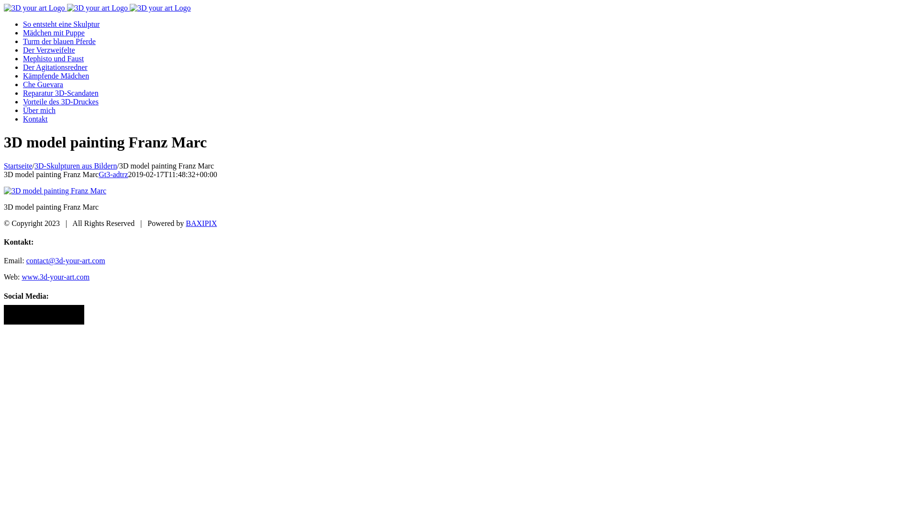 This screenshot has width=919, height=517. Describe the element at coordinates (43, 84) in the screenshot. I see `'Che Guevara'` at that location.